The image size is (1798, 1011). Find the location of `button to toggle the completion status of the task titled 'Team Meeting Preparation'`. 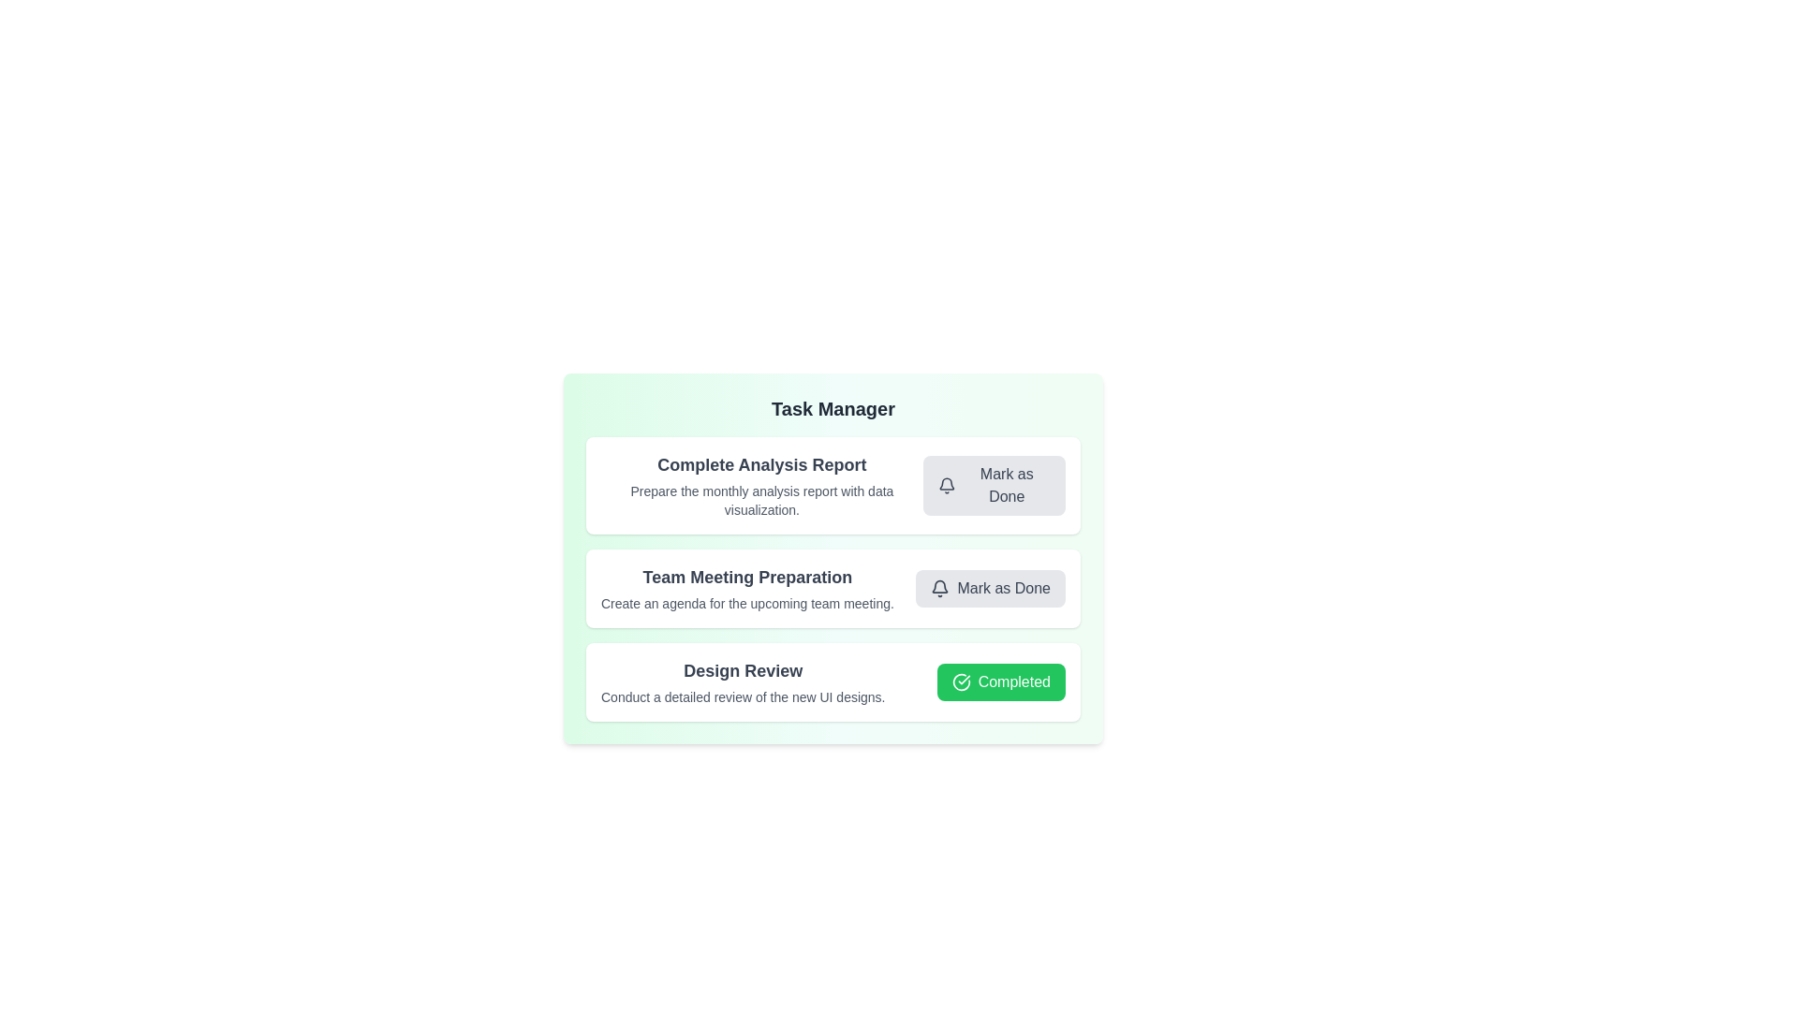

button to toggle the completion status of the task titled 'Team Meeting Preparation' is located at coordinates (990, 587).